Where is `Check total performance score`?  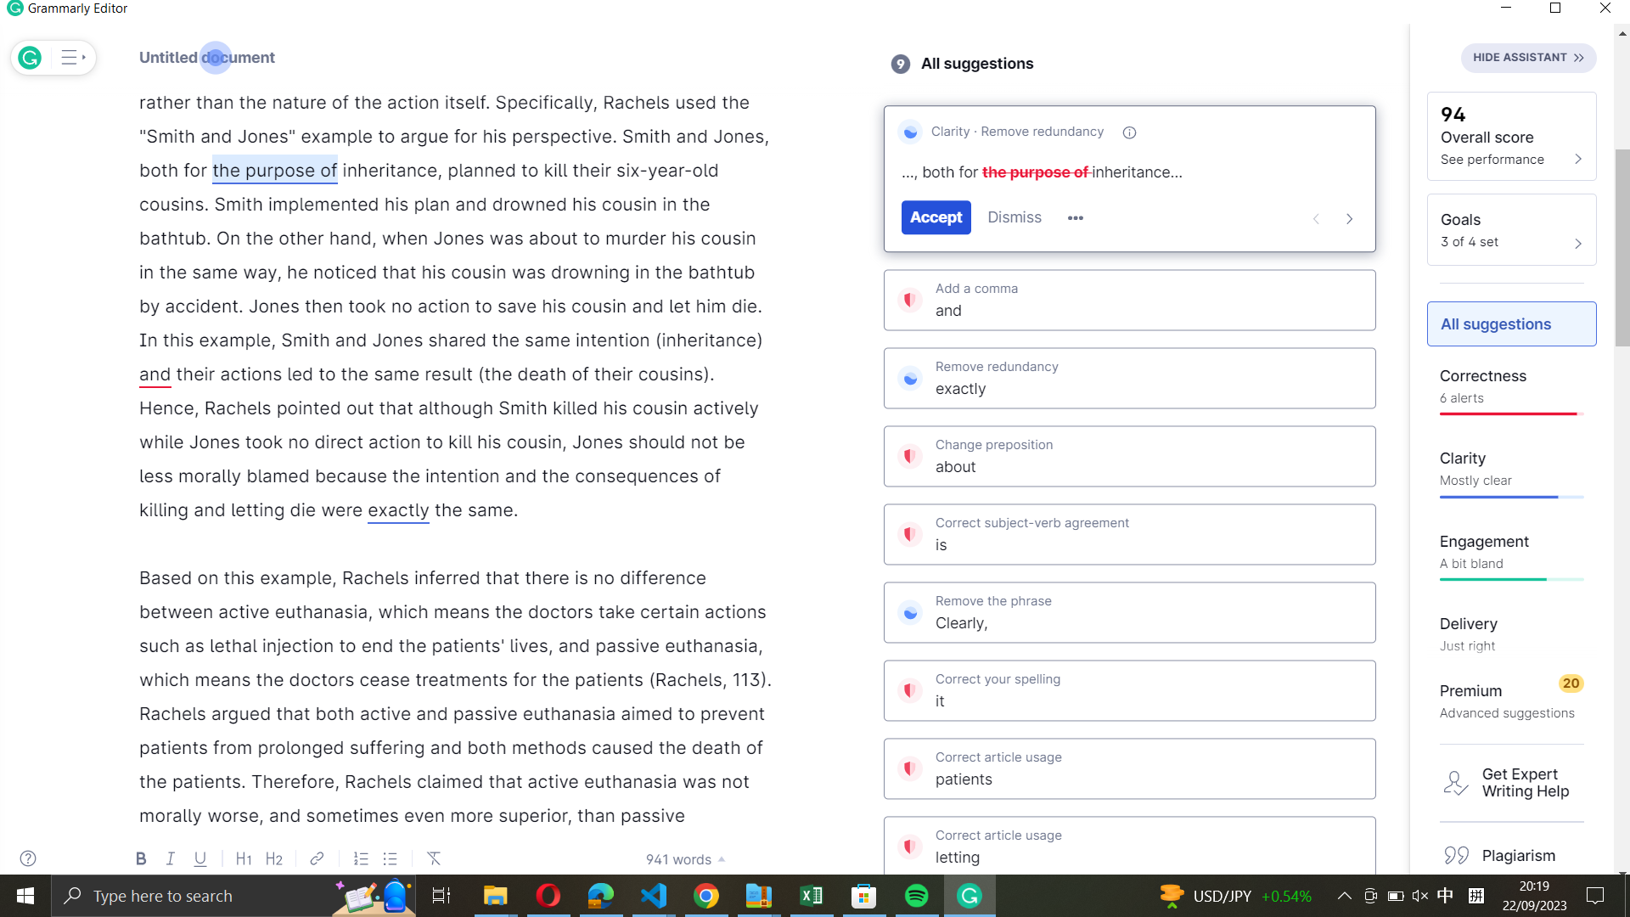
Check total performance score is located at coordinates (1511, 134).